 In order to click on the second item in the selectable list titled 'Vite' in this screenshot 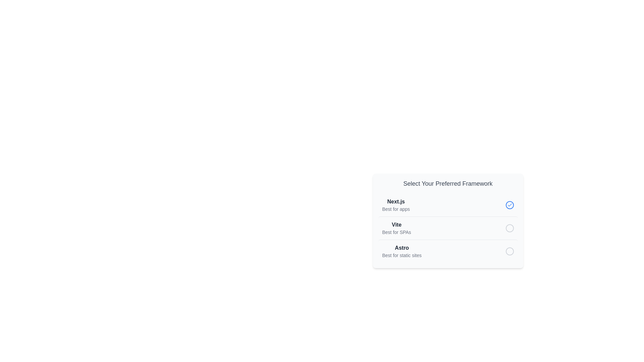, I will do `click(448, 228)`.